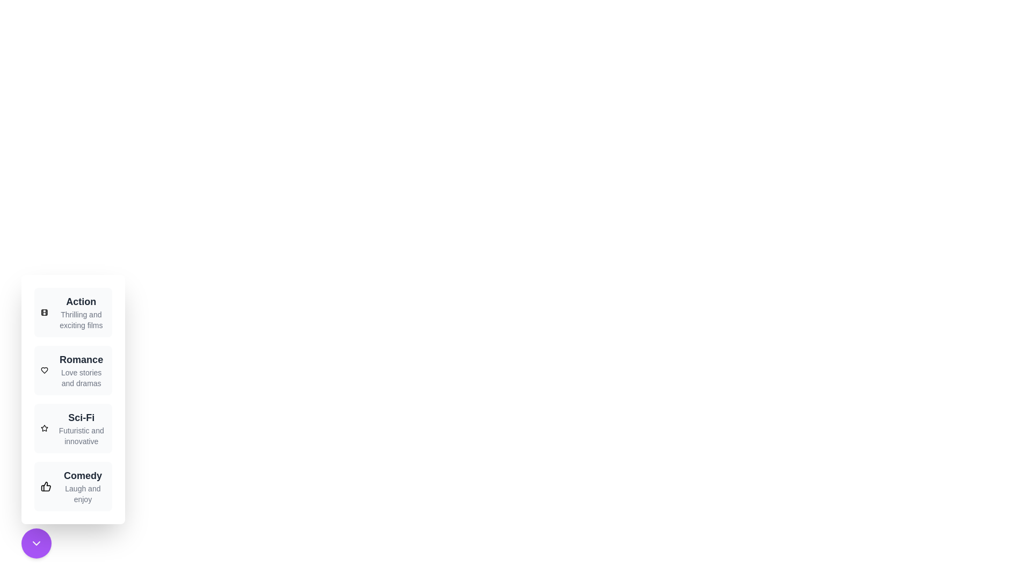 Image resolution: width=1031 pixels, height=580 pixels. I want to click on the toggle button to toggle the speed dial open or closed, so click(36, 543).